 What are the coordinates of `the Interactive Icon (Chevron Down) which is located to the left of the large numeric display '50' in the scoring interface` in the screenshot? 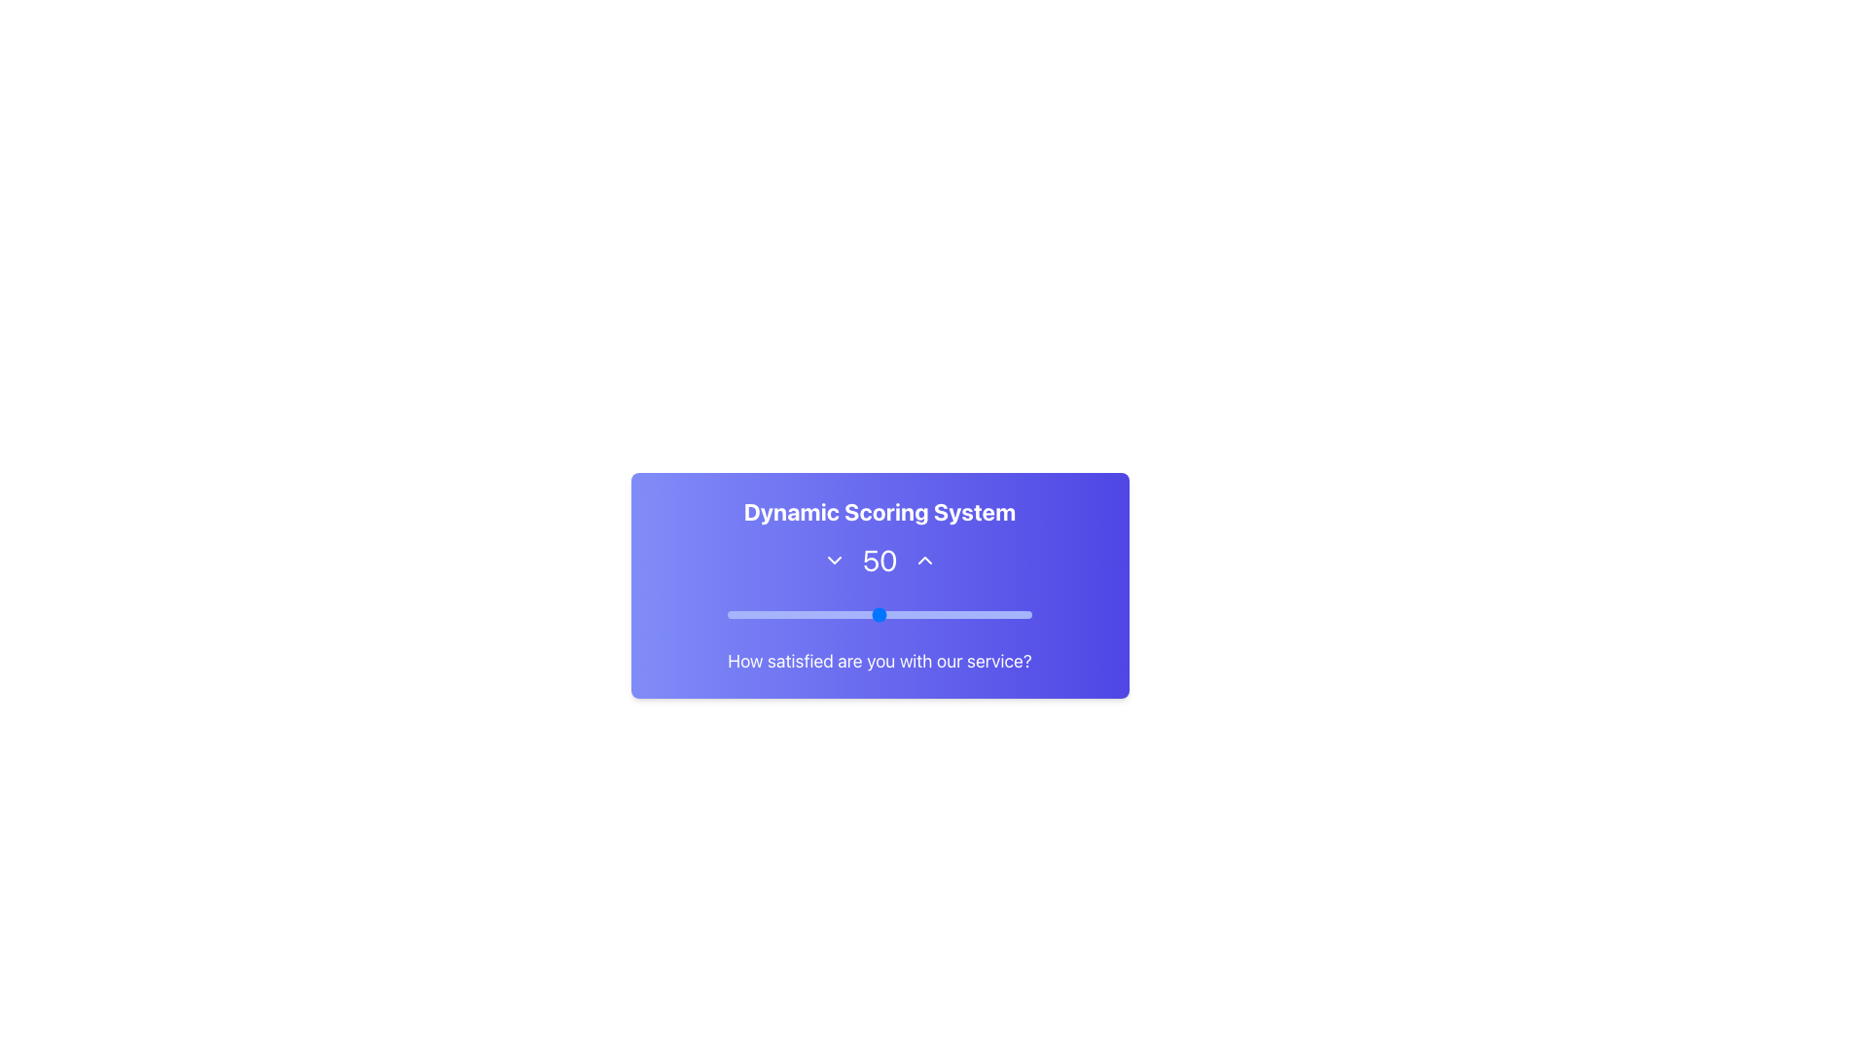 It's located at (835, 560).